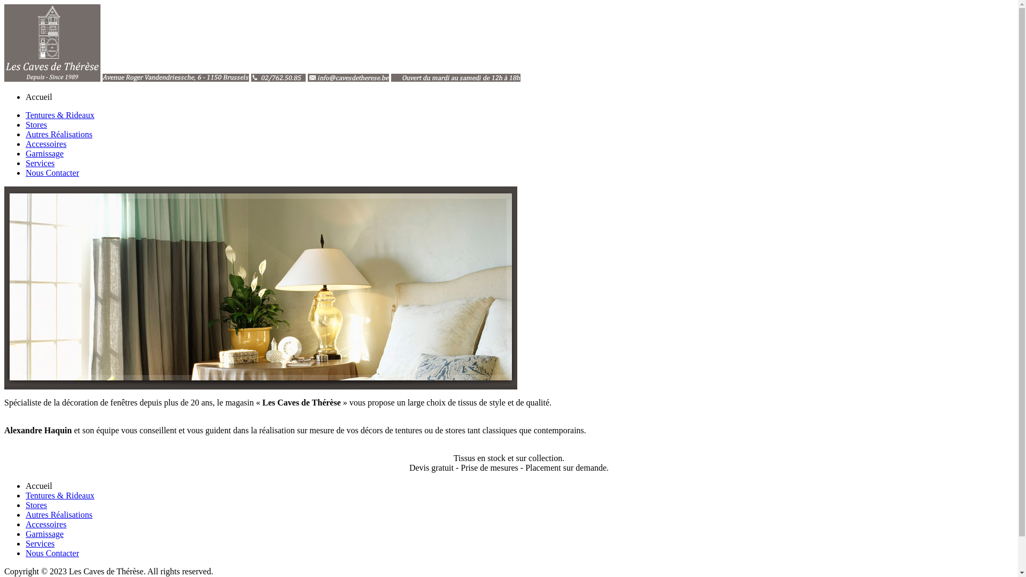  Describe the element at coordinates (26, 163) in the screenshot. I see `'Services'` at that location.